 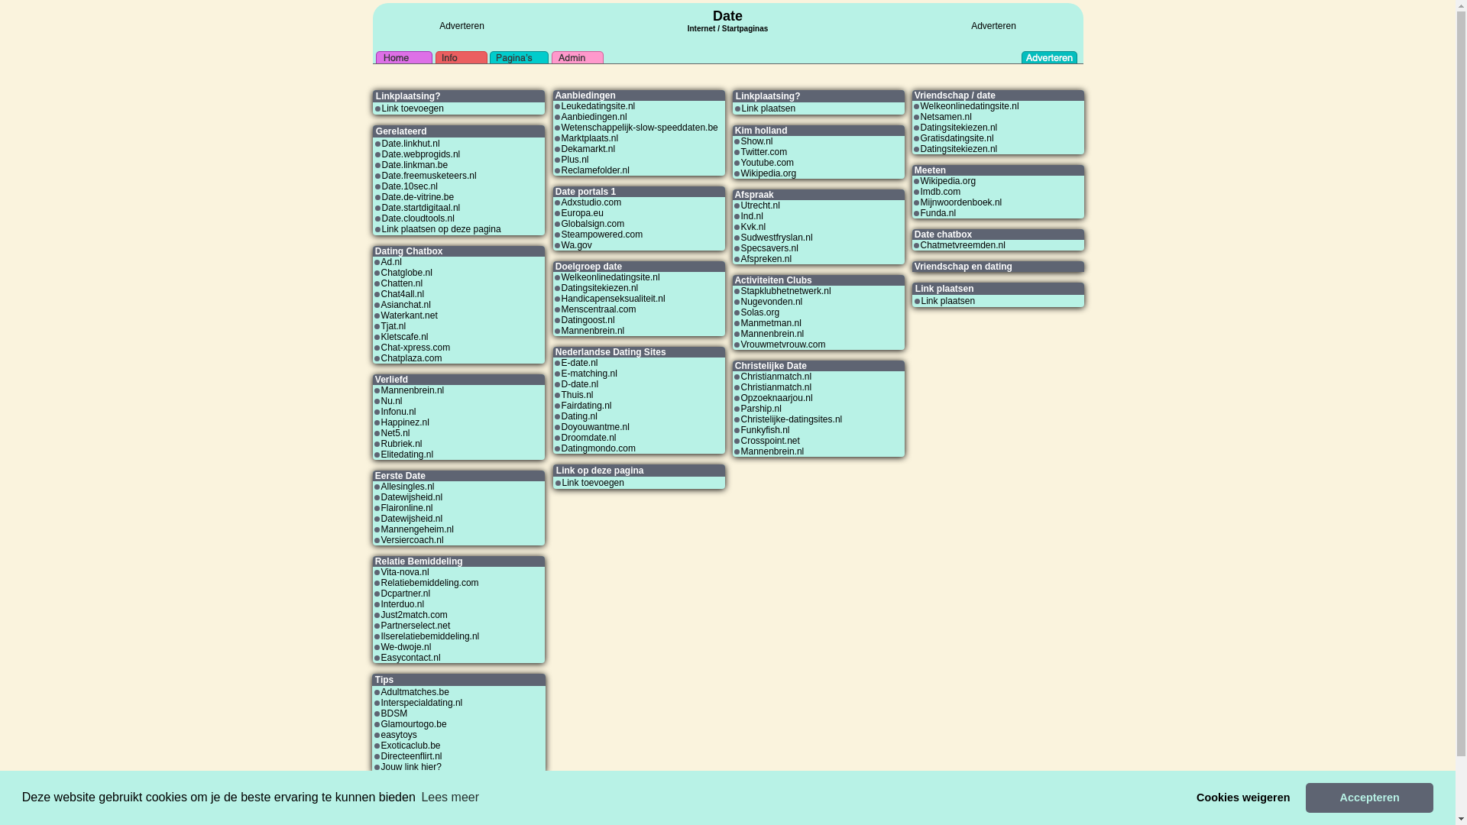 What do you see at coordinates (947, 180) in the screenshot?
I see `'Wikipedia.org'` at bounding box center [947, 180].